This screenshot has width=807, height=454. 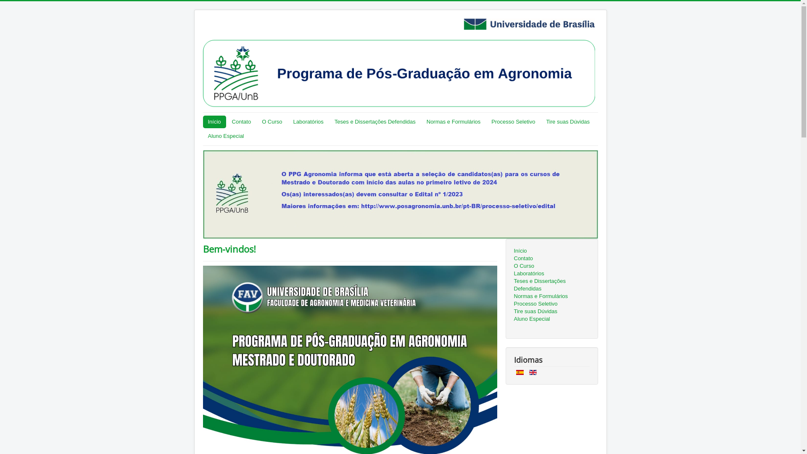 I want to click on 'Contato', so click(x=241, y=121).